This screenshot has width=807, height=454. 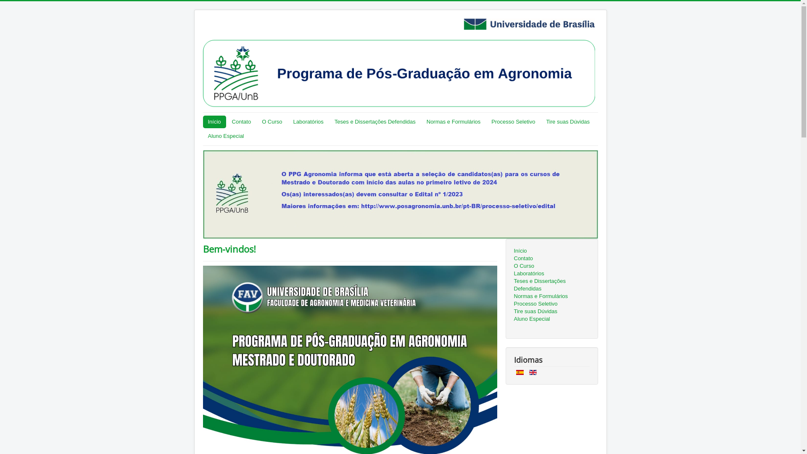 I want to click on 'Contato', so click(x=241, y=121).